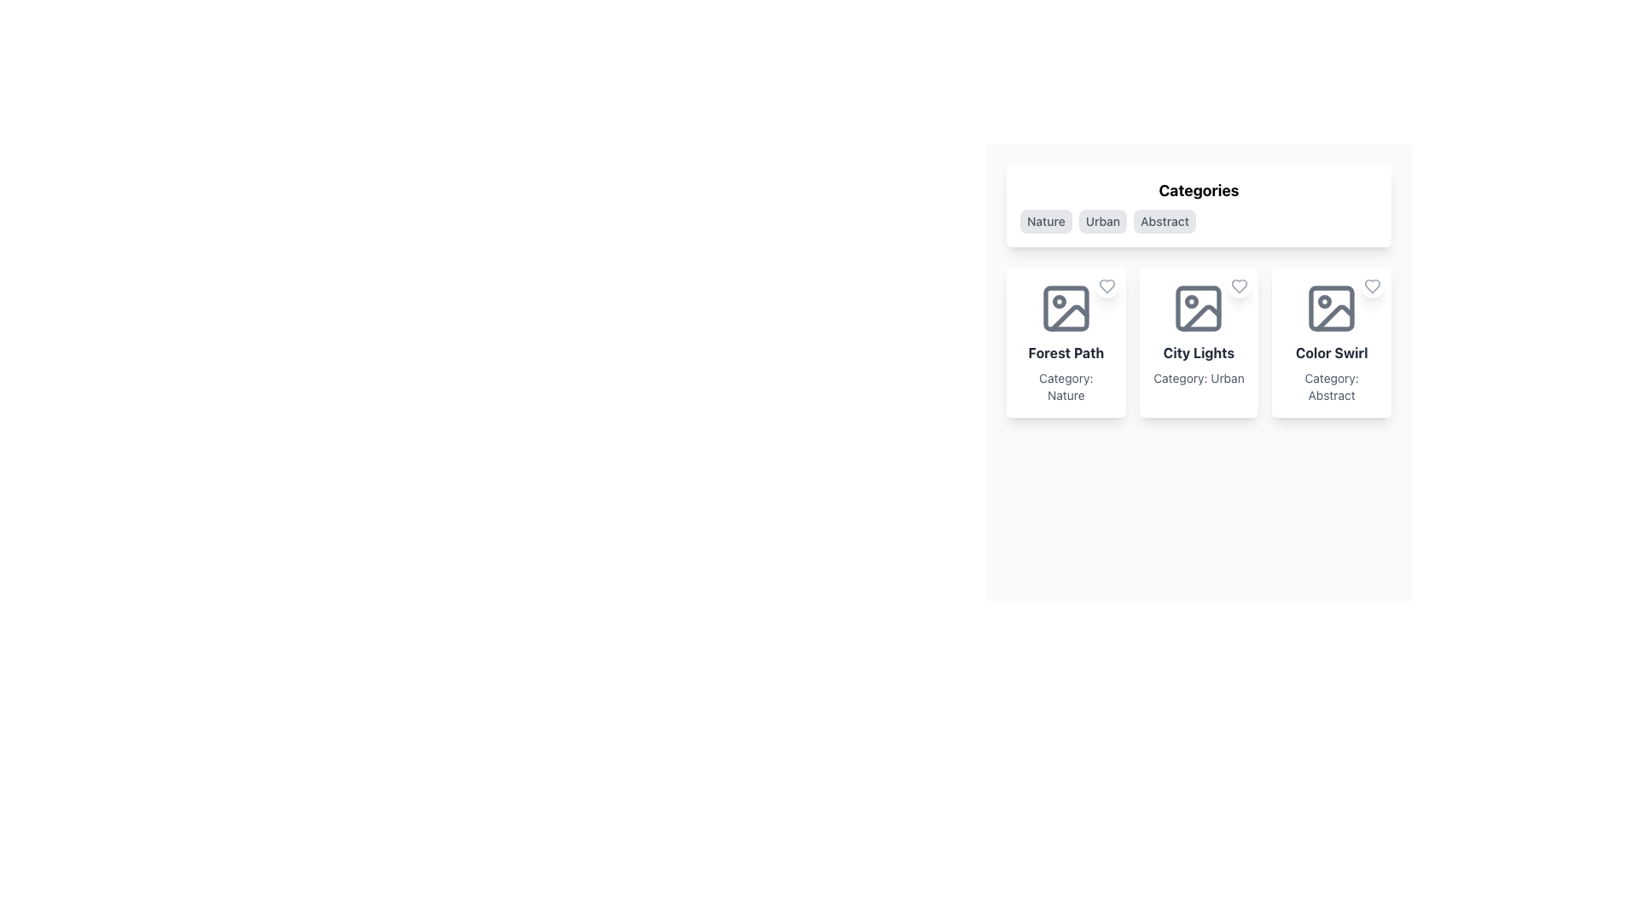 The width and height of the screenshot is (1638, 921). Describe the element at coordinates (1102, 220) in the screenshot. I see `the 'Urban' button, which is the second button in a row of three with a light gray background and the text 'Urban' in medium-dark gray` at that location.